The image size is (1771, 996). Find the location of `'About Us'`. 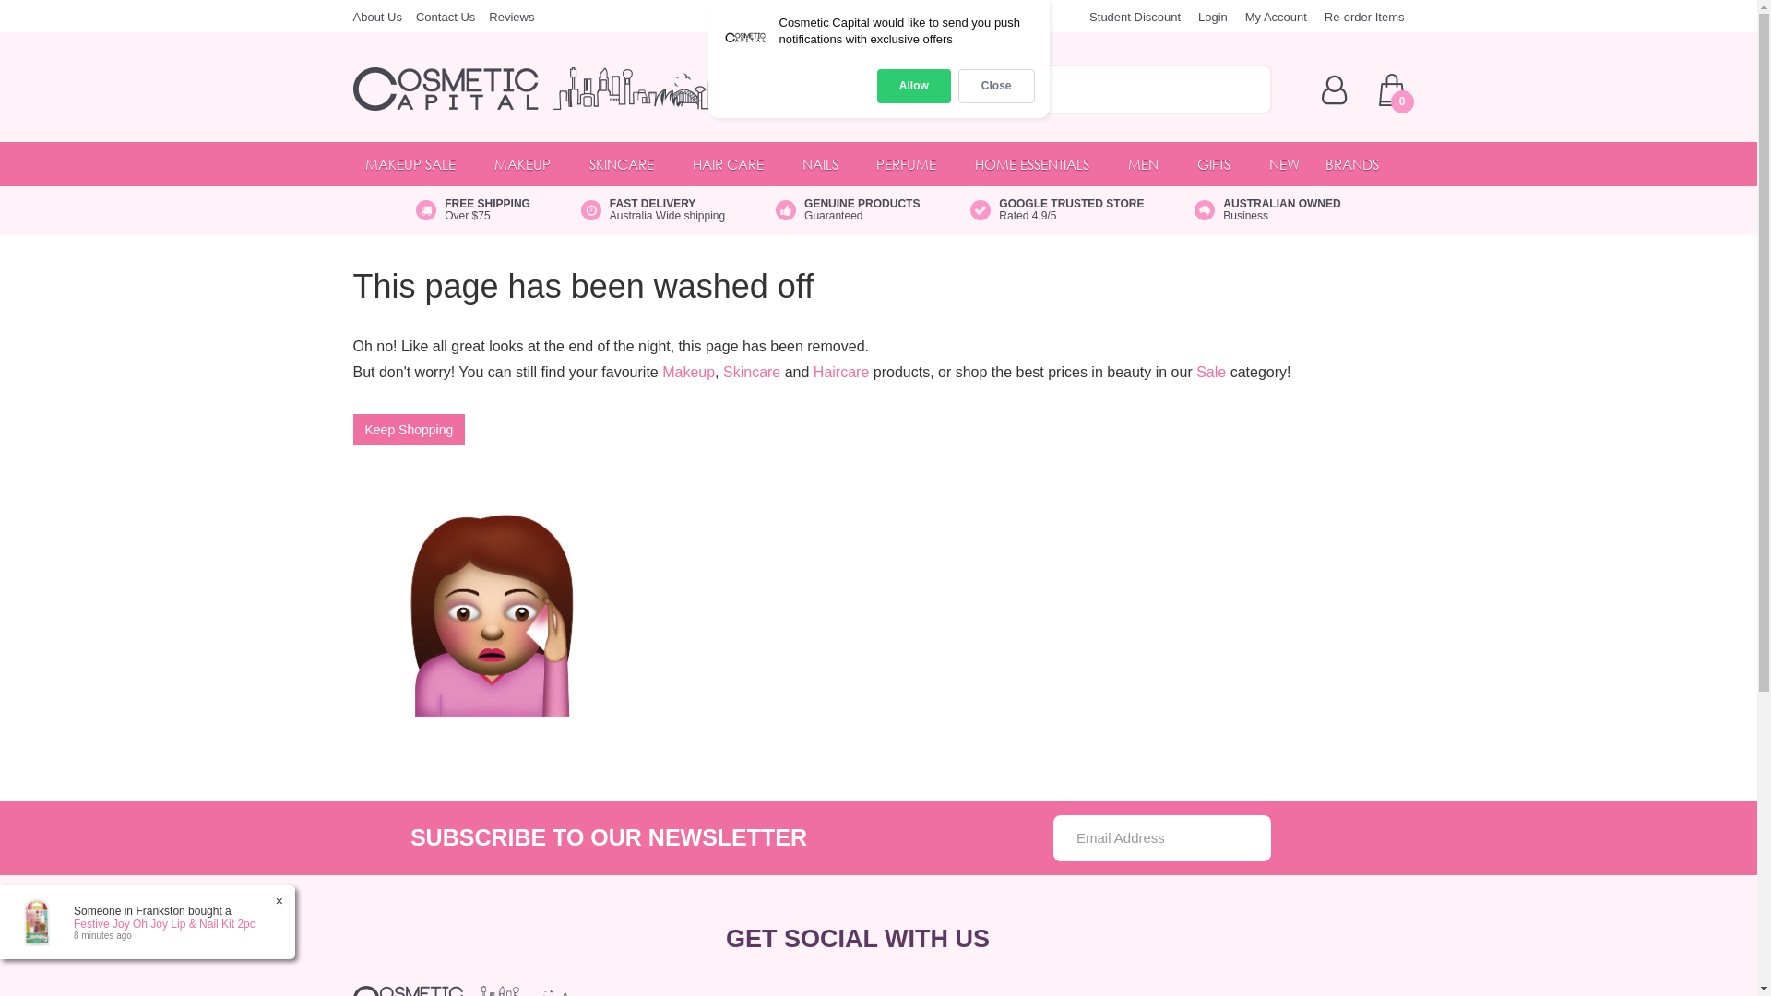

'About Us' is located at coordinates (375, 17).